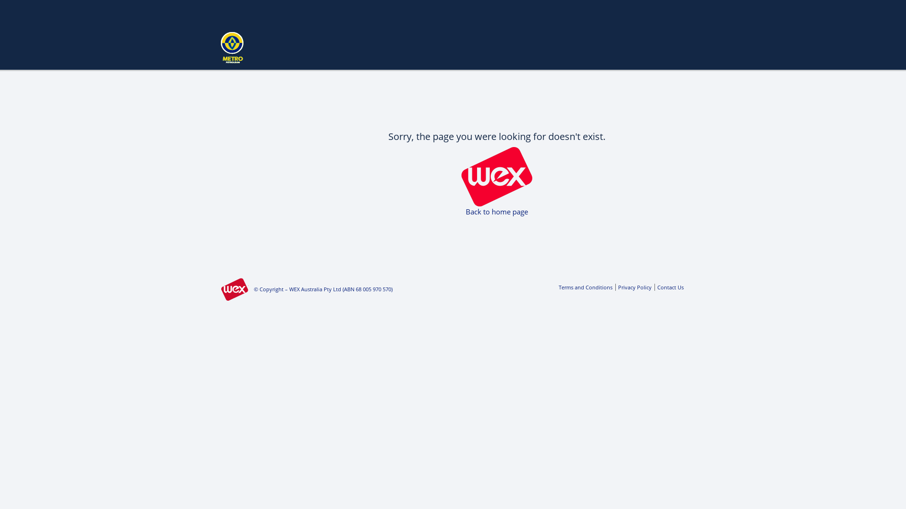 The image size is (906, 509). What do you see at coordinates (496, 211) in the screenshot?
I see `'Back to home page'` at bounding box center [496, 211].